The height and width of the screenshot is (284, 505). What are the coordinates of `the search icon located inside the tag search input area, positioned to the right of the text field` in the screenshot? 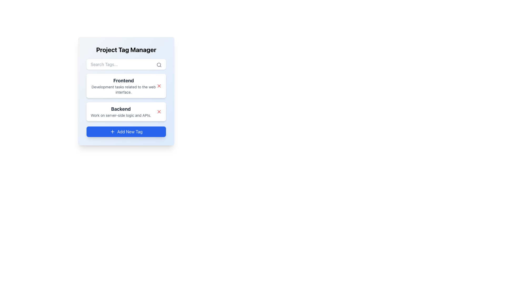 It's located at (159, 64).